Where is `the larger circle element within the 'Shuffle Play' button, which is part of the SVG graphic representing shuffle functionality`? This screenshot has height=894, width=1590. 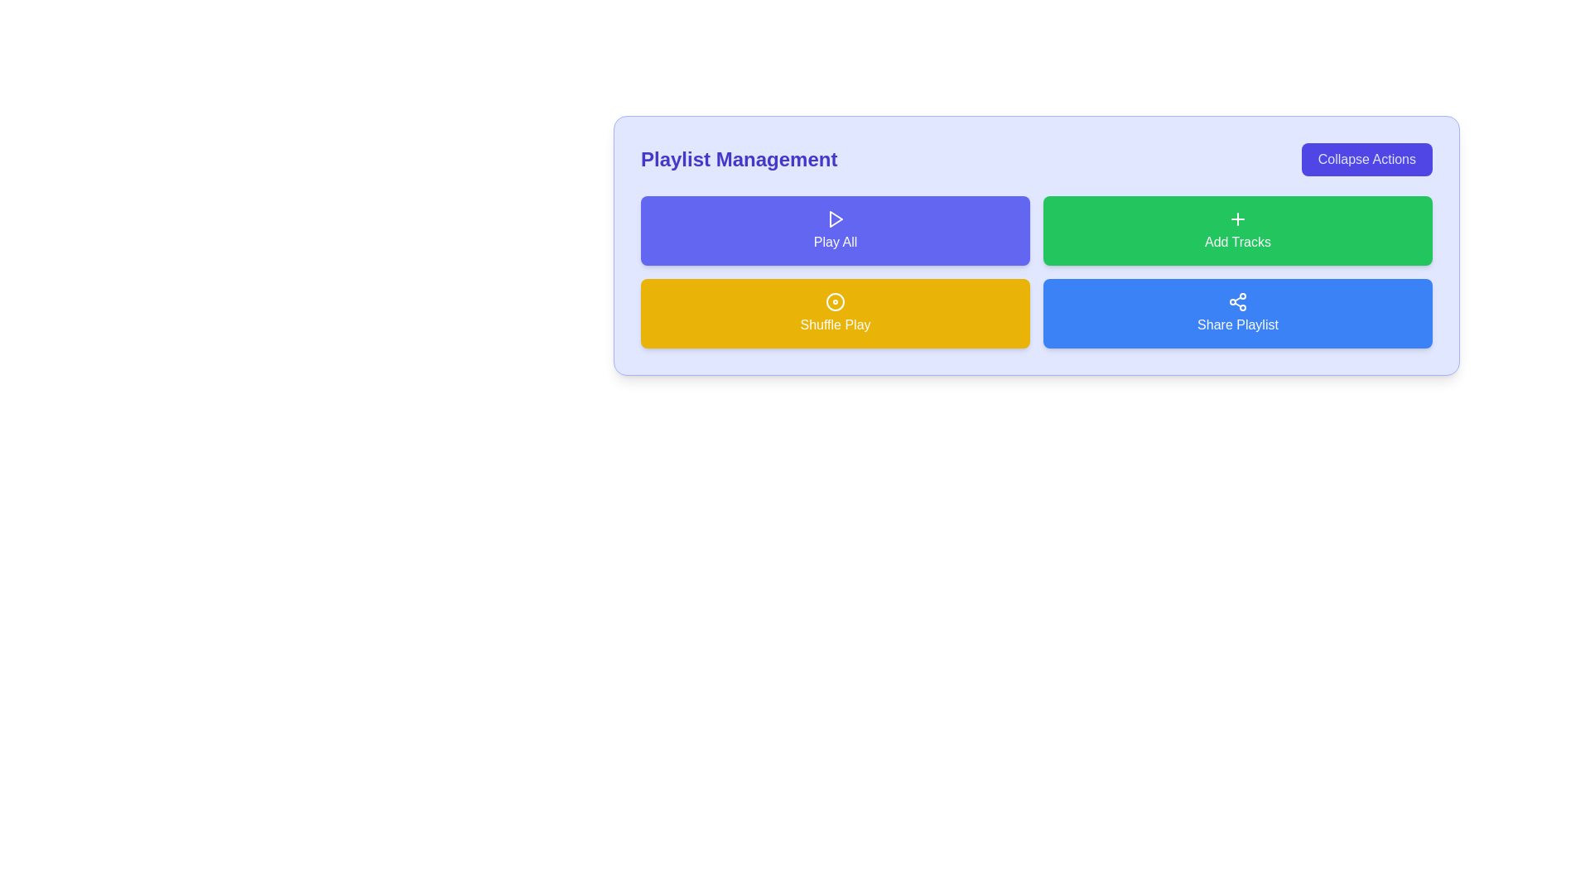 the larger circle element within the 'Shuffle Play' button, which is part of the SVG graphic representing shuffle functionality is located at coordinates (835, 302).